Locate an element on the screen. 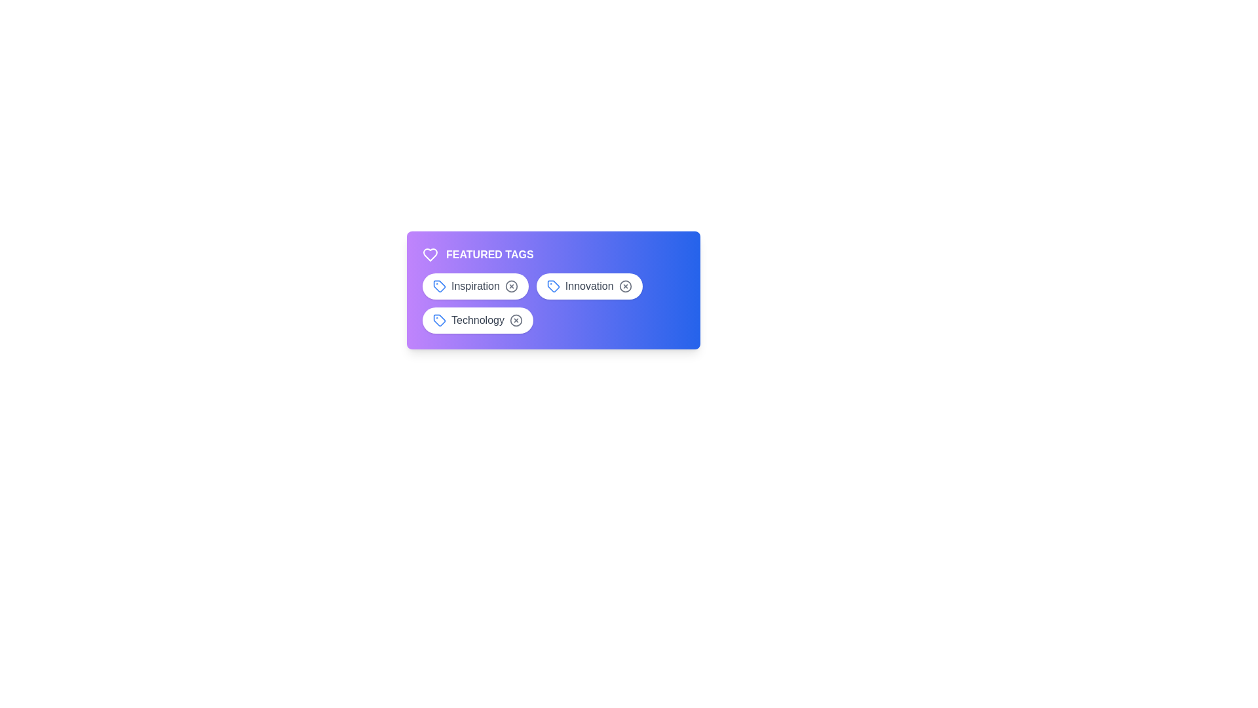 This screenshot has height=708, width=1258. the SVG circle element that represents the delete button for the 'Innovation' tag in the 'FEATURED TAGS' section is located at coordinates (624, 285).